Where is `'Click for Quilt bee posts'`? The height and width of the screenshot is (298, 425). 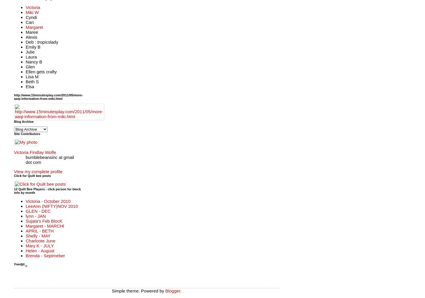 'Click for Quilt bee posts' is located at coordinates (32, 175).